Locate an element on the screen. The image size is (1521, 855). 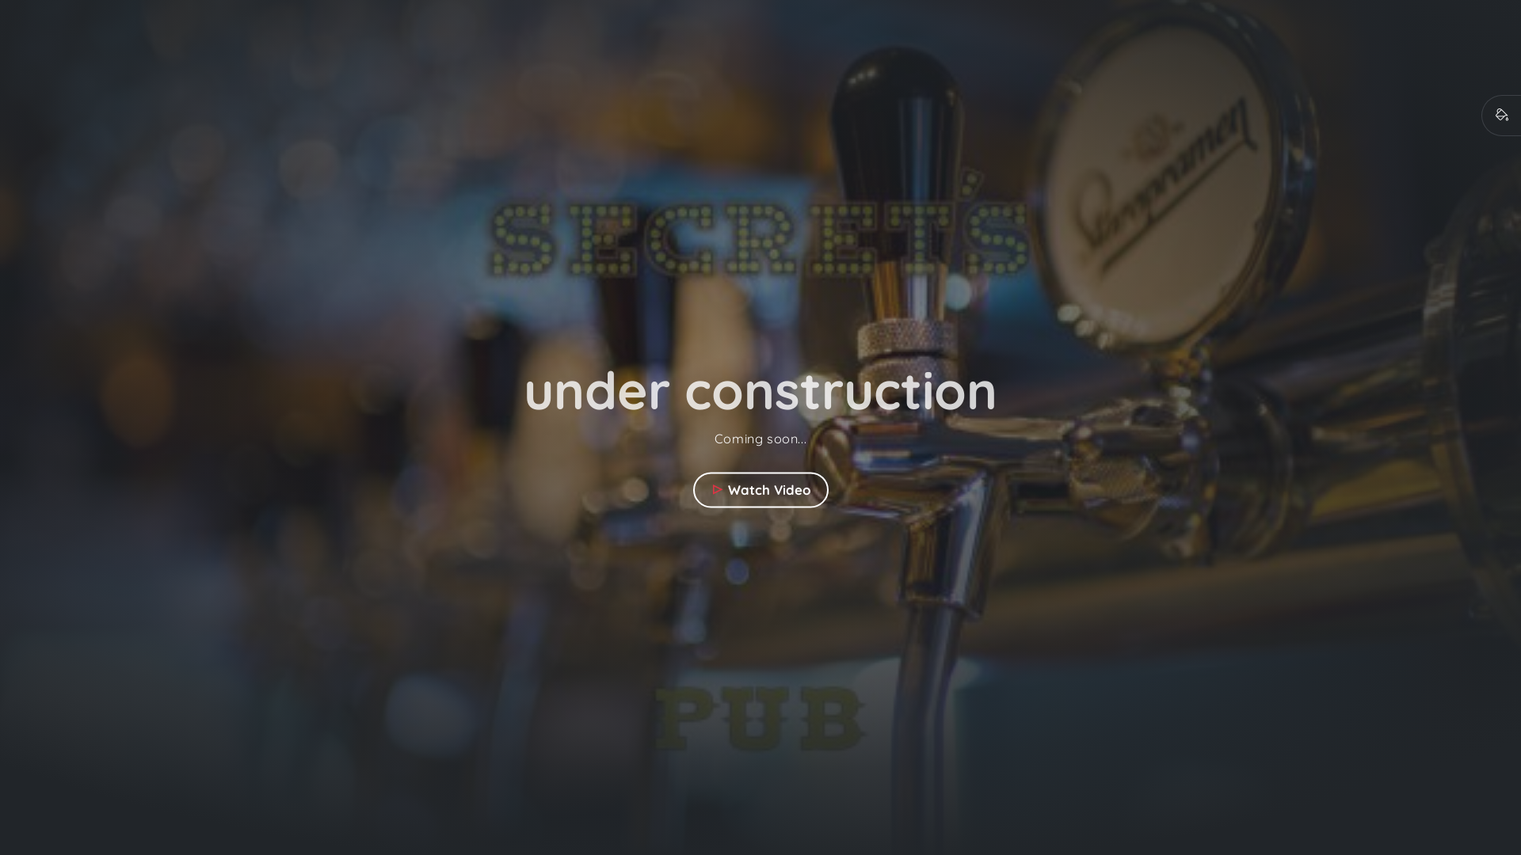
'Watch Video' is located at coordinates (692, 488).